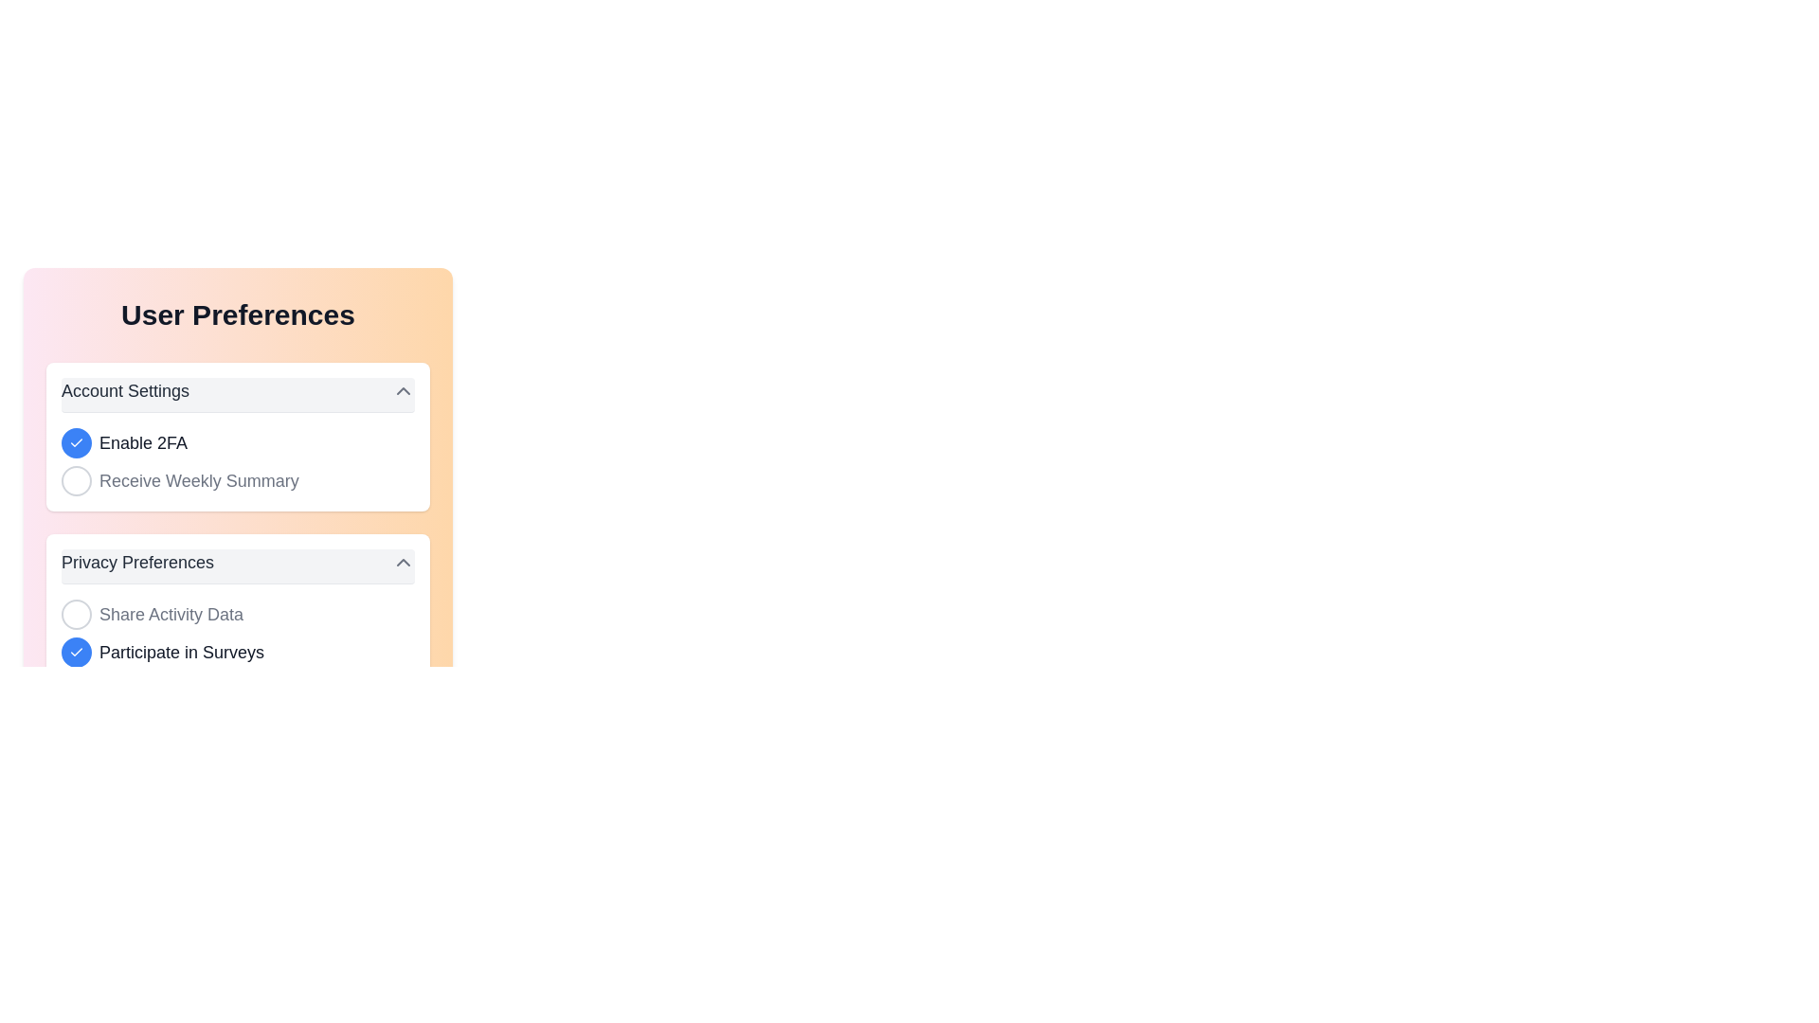 The height and width of the screenshot is (1023, 1819). I want to click on the text label reading 'Share Activity Data' in the Privacy Preferences section, which is positioned below the Account Settings section and to the right of a circular radio button, so click(171, 614).